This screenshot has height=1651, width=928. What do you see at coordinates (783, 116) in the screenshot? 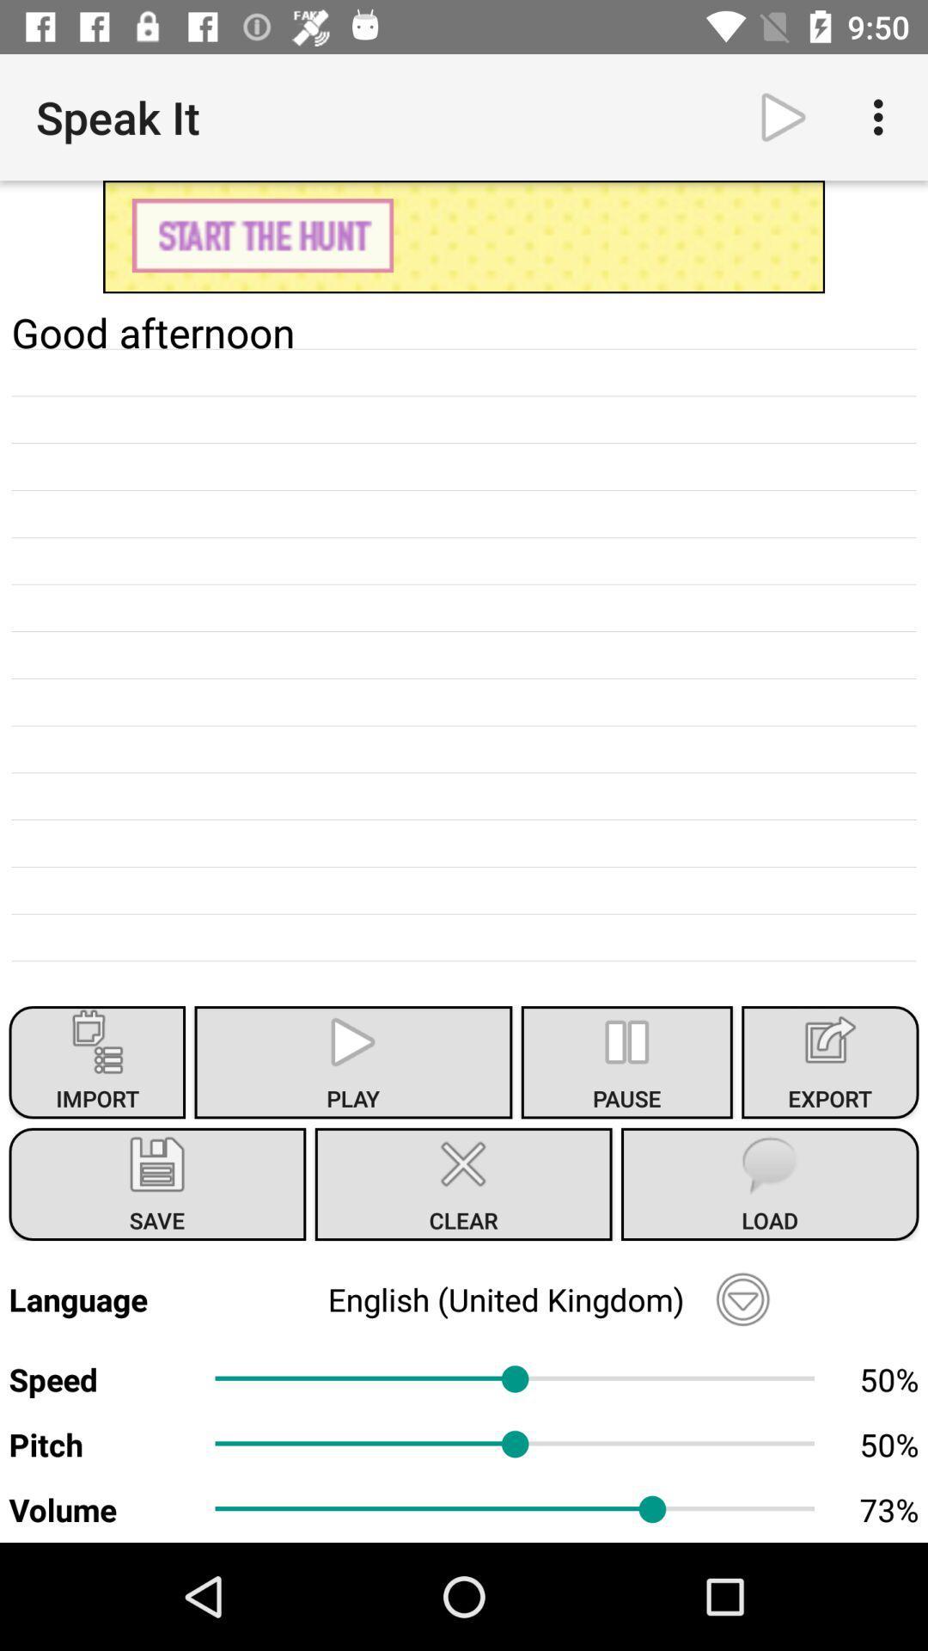
I see `next arrow` at bounding box center [783, 116].